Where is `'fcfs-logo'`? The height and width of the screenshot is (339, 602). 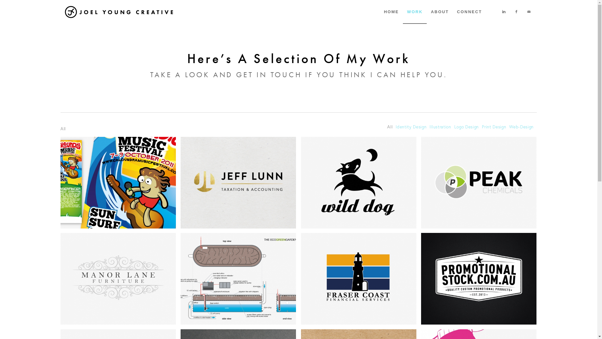
'fcfs-logo' is located at coordinates (359, 278).